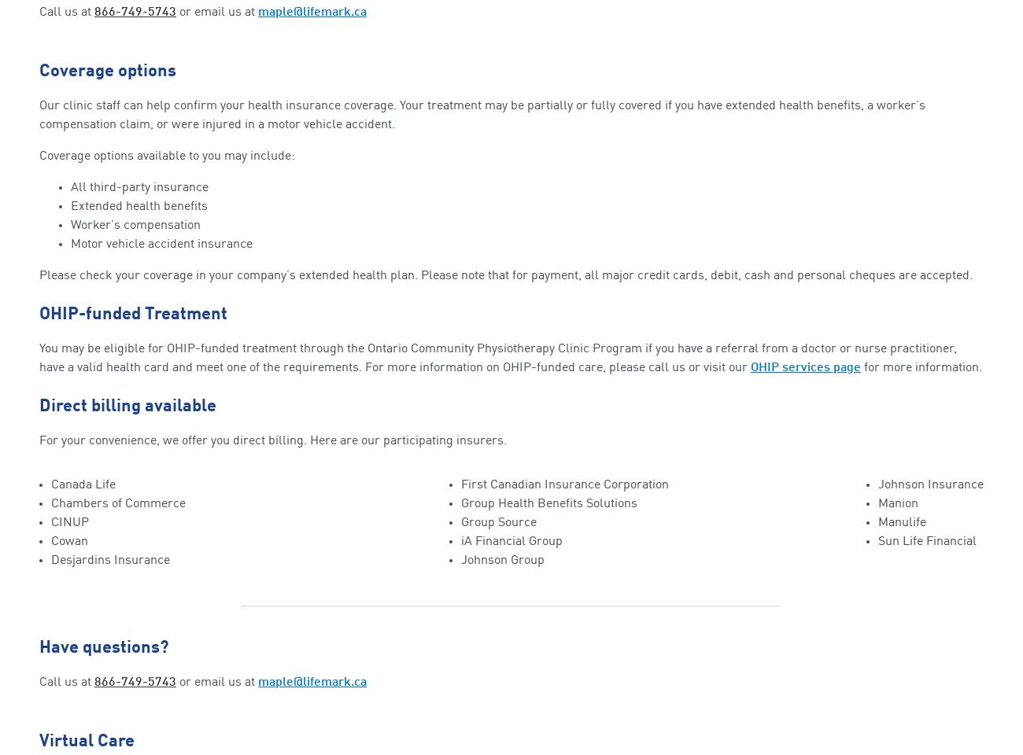 The width and height of the screenshot is (1023, 755). I want to click on 'CINUP', so click(70, 522).